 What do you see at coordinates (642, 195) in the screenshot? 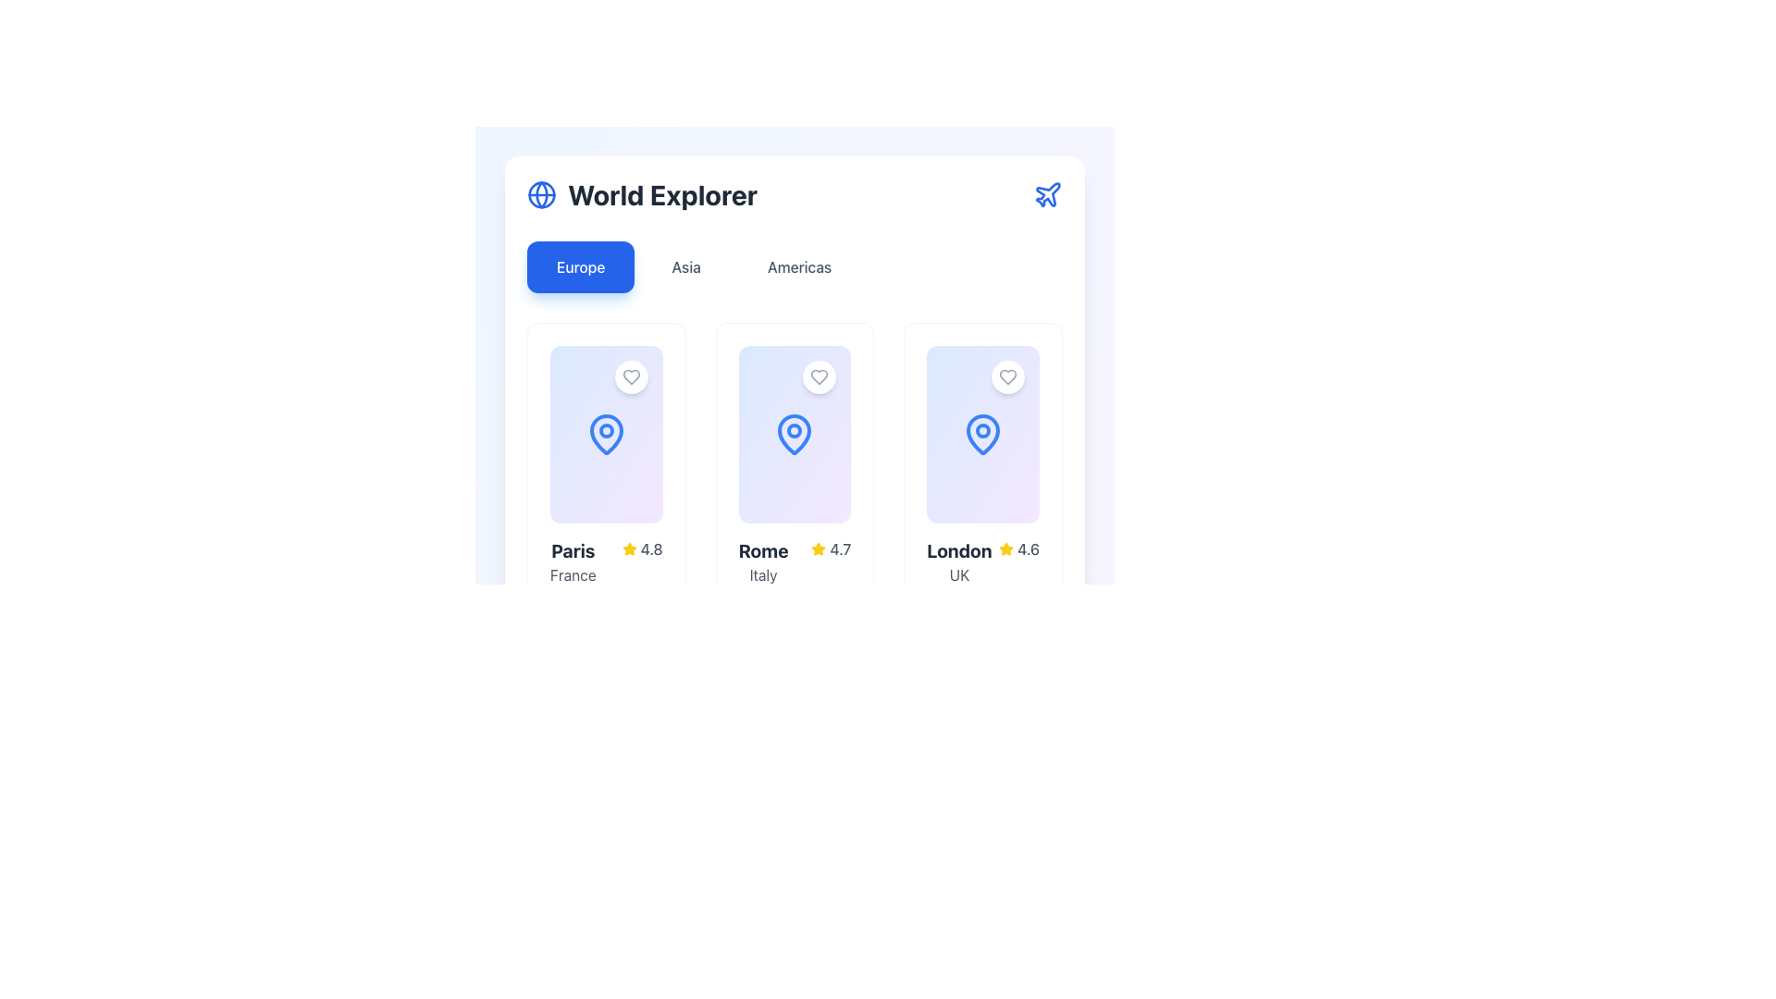
I see `the 'World Explorer' header with a globe icon` at bounding box center [642, 195].